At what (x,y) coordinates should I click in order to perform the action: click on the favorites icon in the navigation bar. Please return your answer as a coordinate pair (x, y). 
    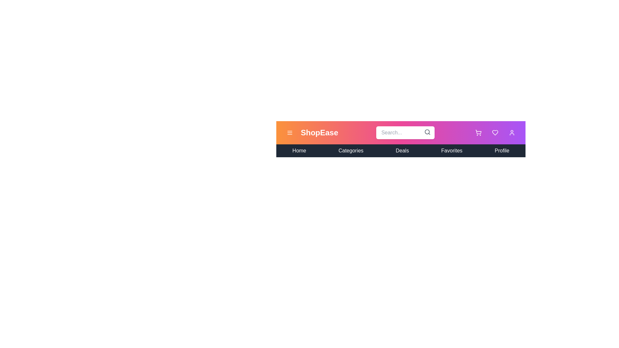
    Looking at the image, I should click on (495, 132).